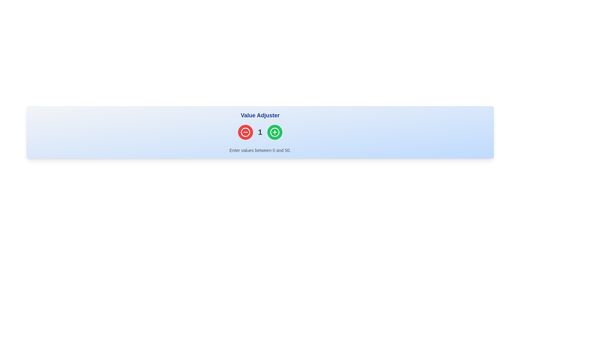 This screenshot has width=599, height=337. Describe the element at coordinates (245, 132) in the screenshot. I see `the decrement button located to the left of the numeric value in the value adjustment interface` at that location.